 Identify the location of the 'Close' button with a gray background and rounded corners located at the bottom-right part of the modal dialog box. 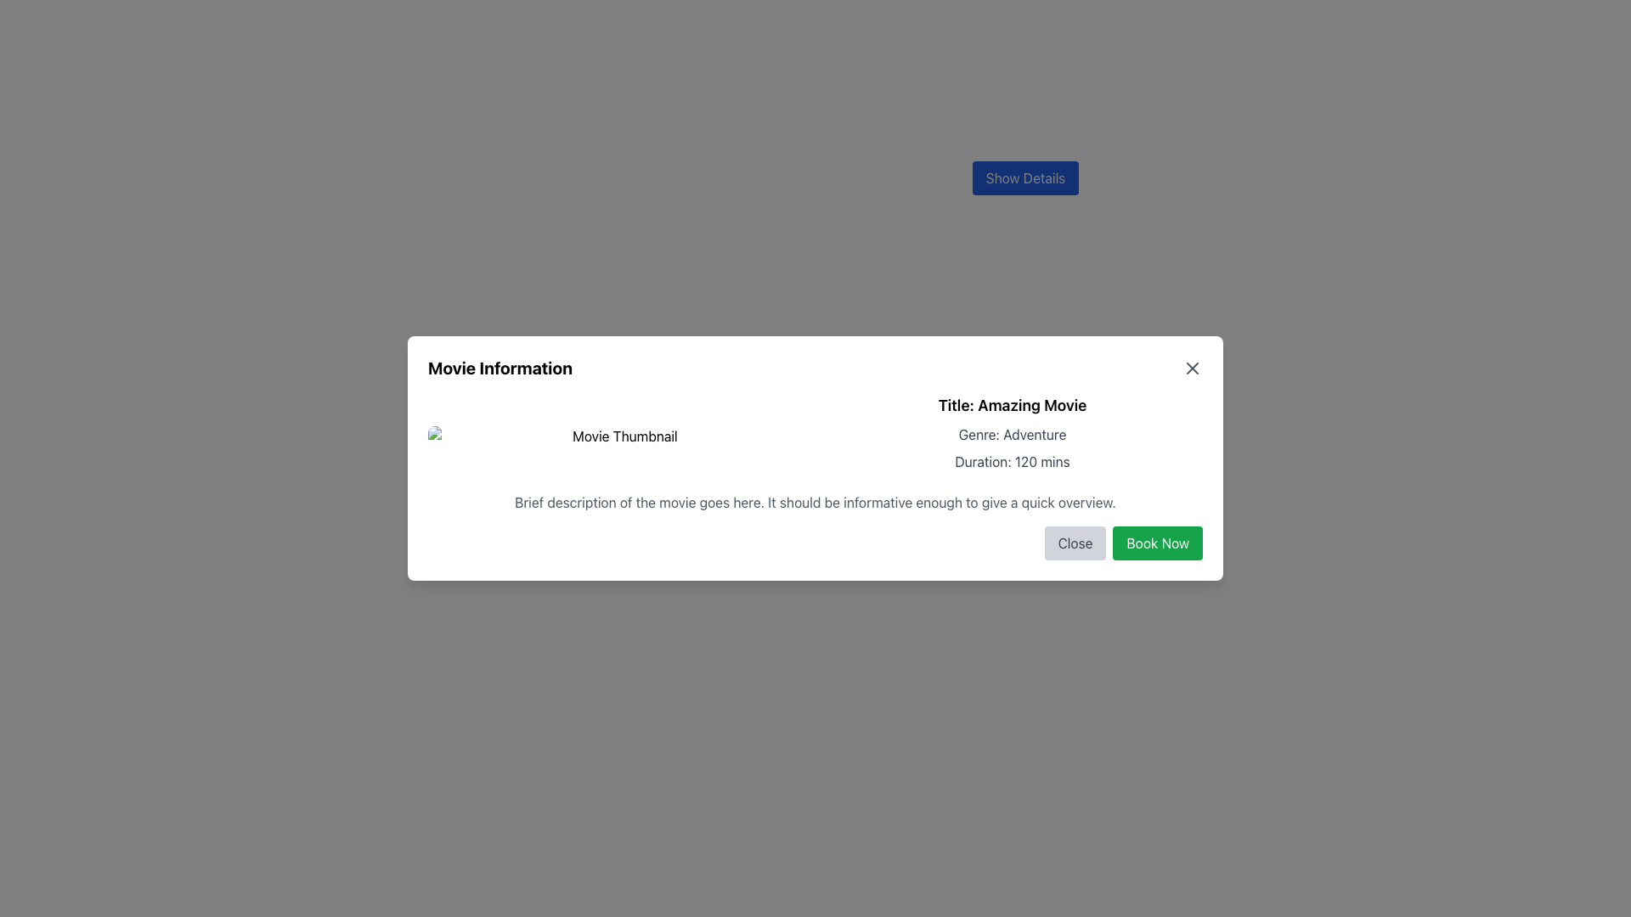
(1075, 543).